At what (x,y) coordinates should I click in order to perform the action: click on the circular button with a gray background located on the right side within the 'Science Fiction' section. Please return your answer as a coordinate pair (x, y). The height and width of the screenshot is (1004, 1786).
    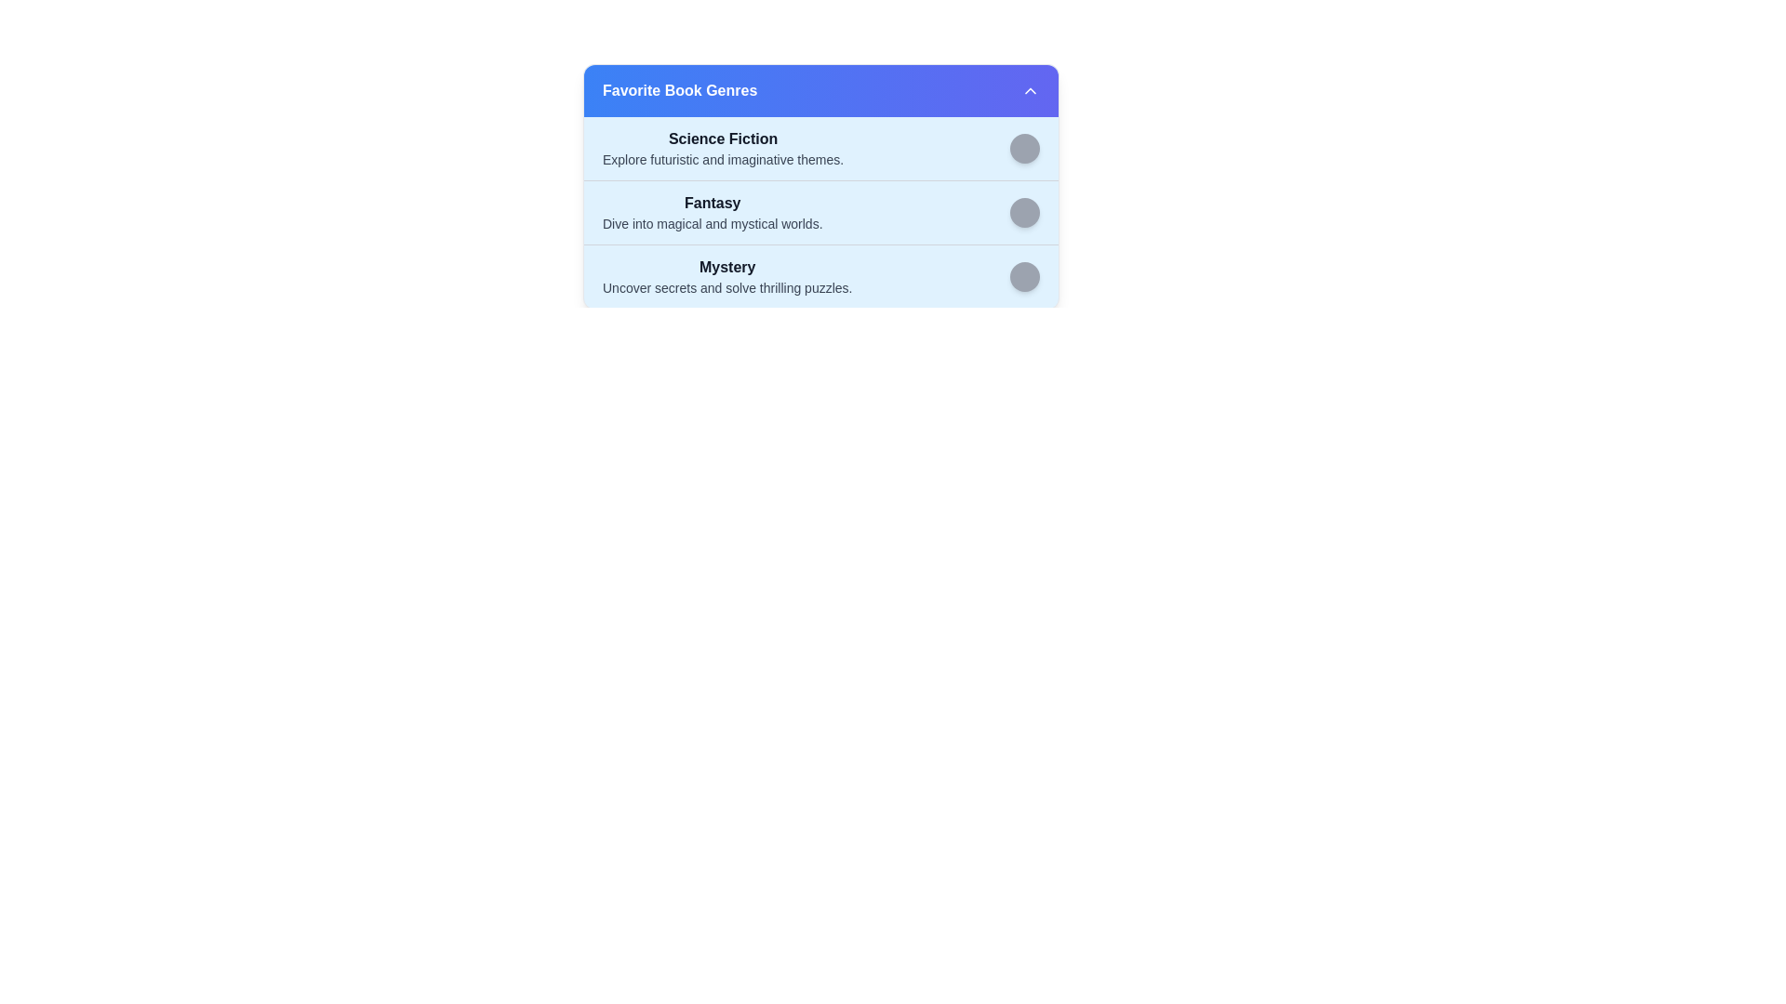
    Looking at the image, I should click on (1024, 147).